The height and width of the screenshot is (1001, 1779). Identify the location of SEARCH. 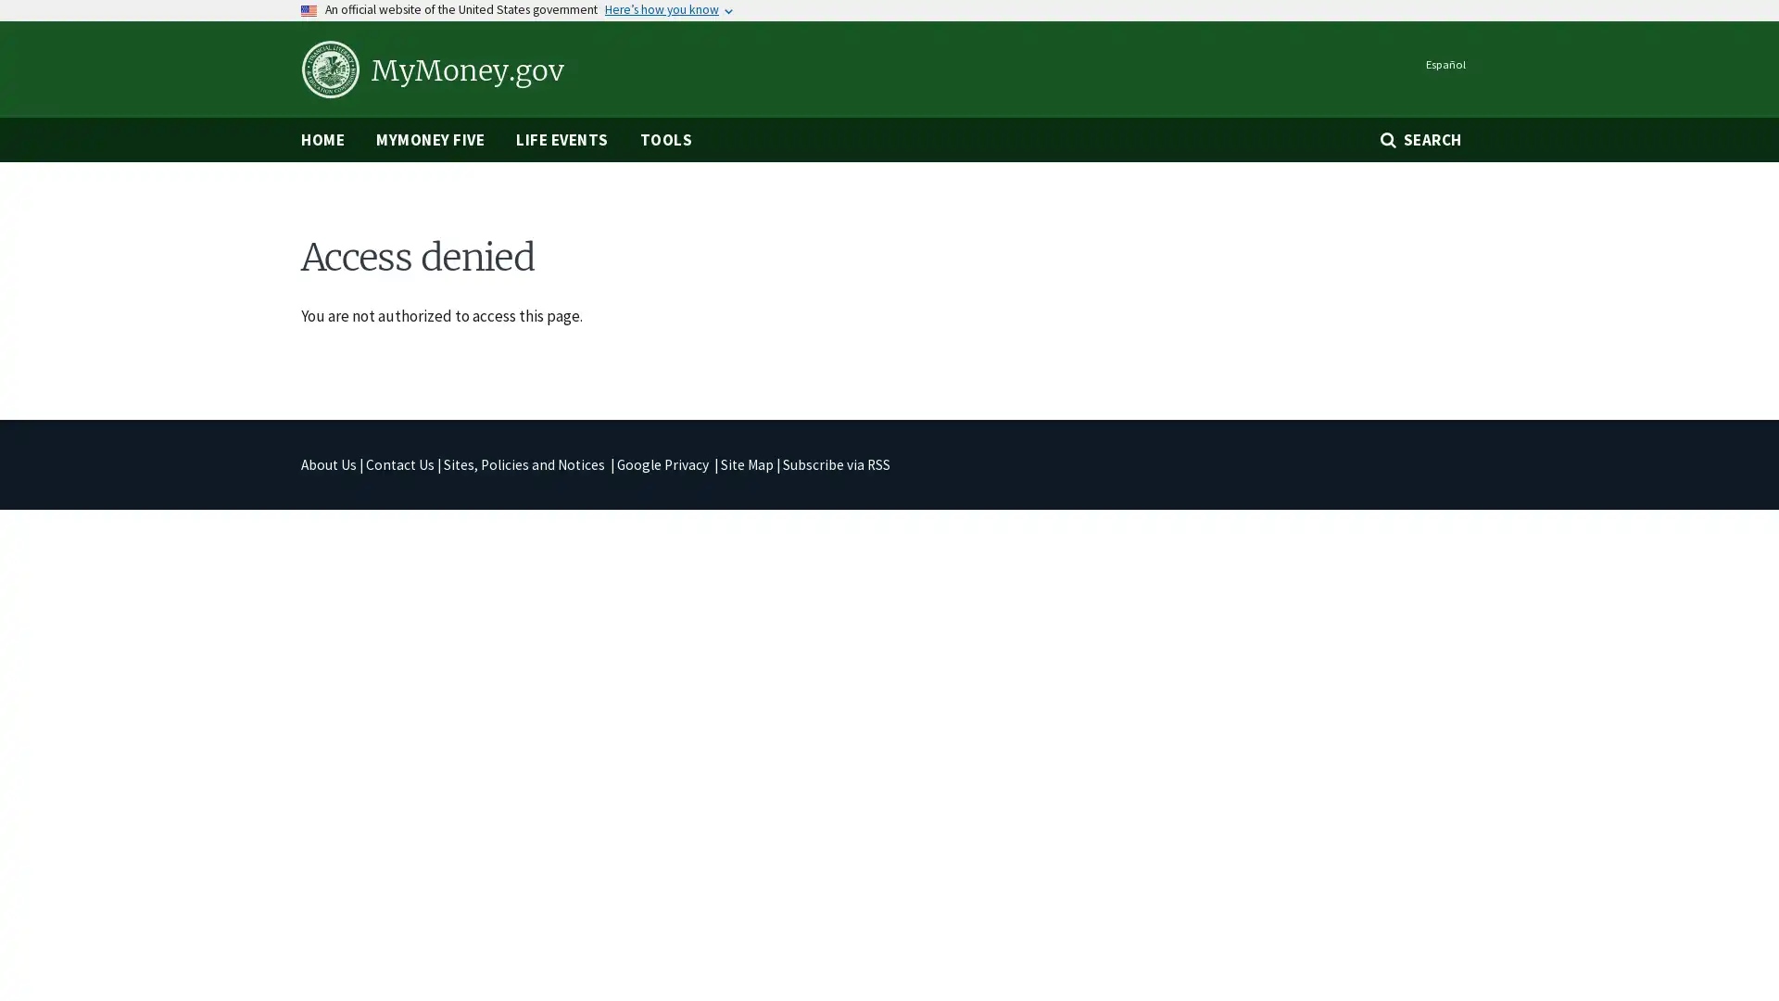
(1422, 138).